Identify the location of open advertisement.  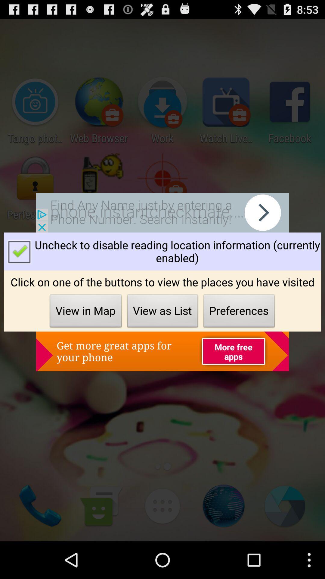
(162, 213).